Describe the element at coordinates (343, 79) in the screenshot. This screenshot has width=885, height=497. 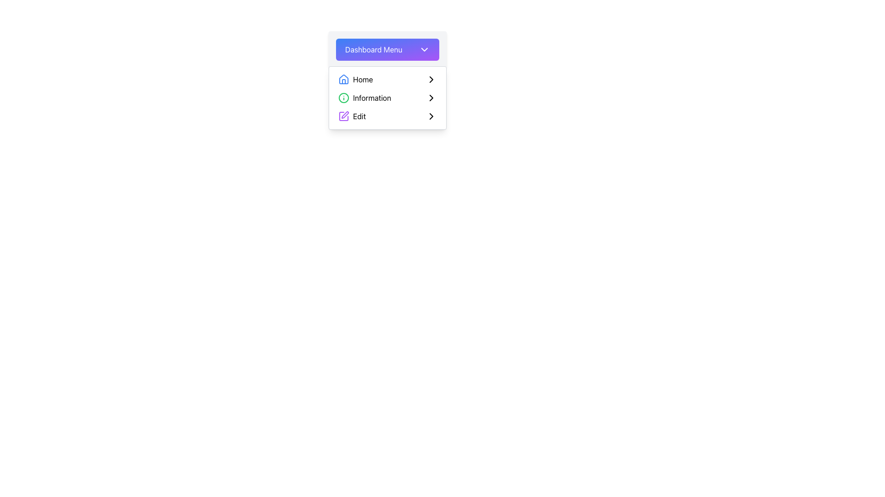
I see `the house-shaped icon with a blue outline, which represents a home button, located directly before the 'Home' label in the menu section` at that location.